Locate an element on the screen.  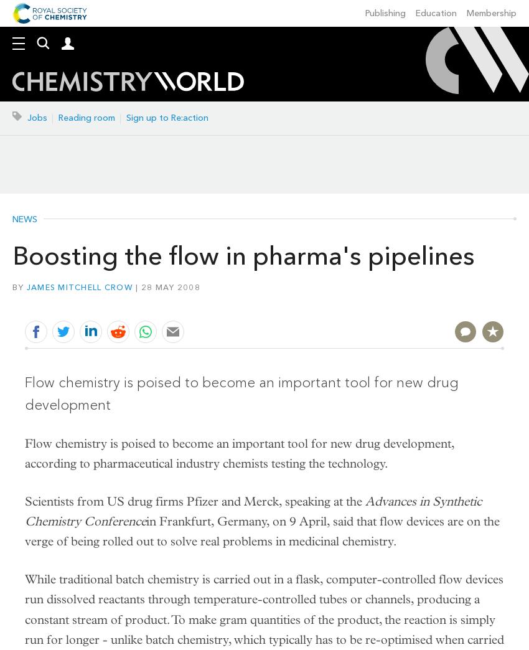
'Publishing' is located at coordinates (365, 12).